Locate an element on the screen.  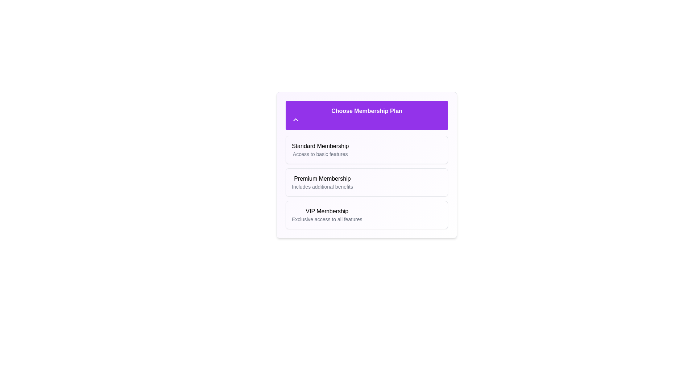
the 'VIP Membership' text block, which is the third card in the vertical list of membership options, located between the 'Premium Membership' card and additional content is located at coordinates (327, 215).